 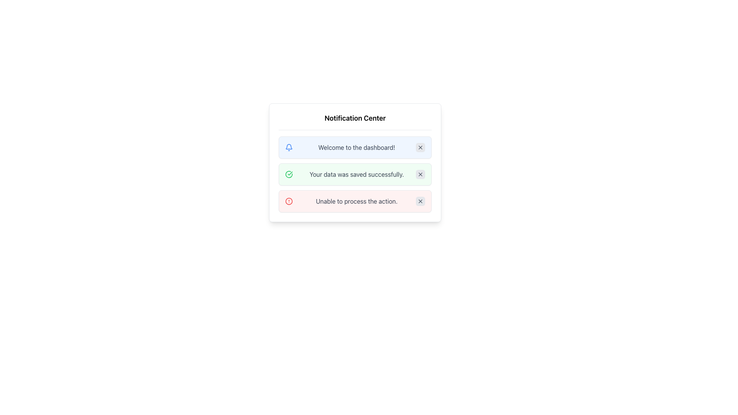 What do you see at coordinates (420, 201) in the screenshot?
I see `the close button in the top-right corner of the notification` at bounding box center [420, 201].